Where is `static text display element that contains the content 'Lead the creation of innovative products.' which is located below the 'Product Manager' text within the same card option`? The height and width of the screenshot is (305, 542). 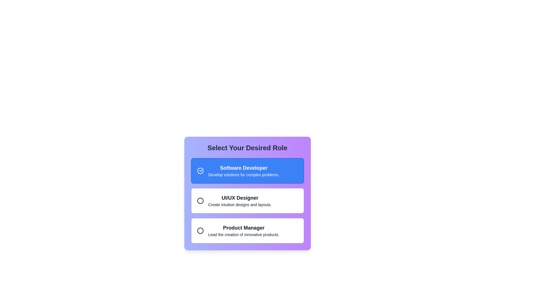 static text display element that contains the content 'Lead the creation of innovative products.' which is located below the 'Product Manager' text within the same card option is located at coordinates (244, 234).